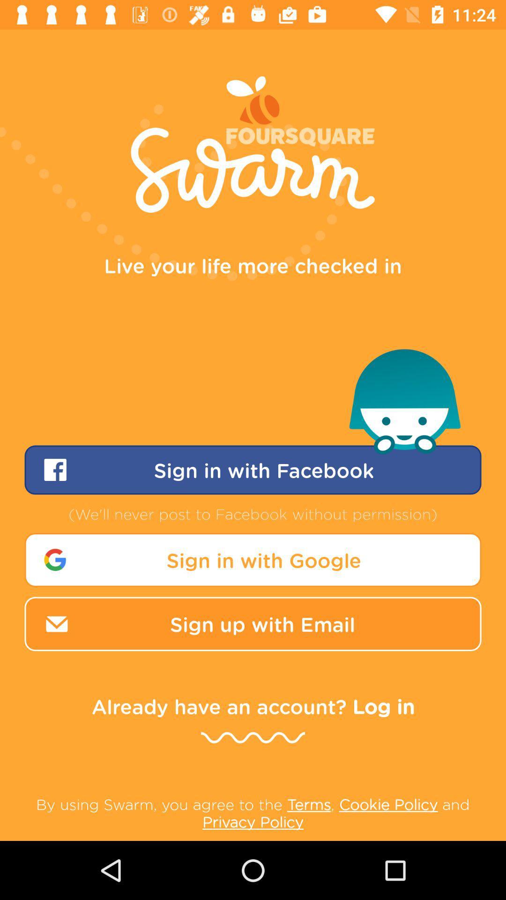  I want to click on already have an icon, so click(253, 706).